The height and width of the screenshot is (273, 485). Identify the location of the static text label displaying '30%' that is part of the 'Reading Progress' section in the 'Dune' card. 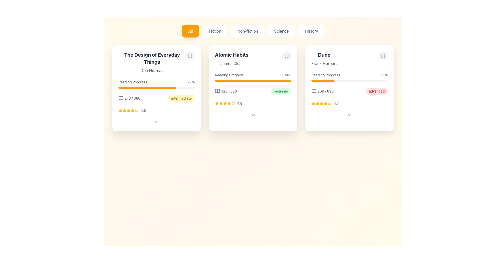
(384, 75).